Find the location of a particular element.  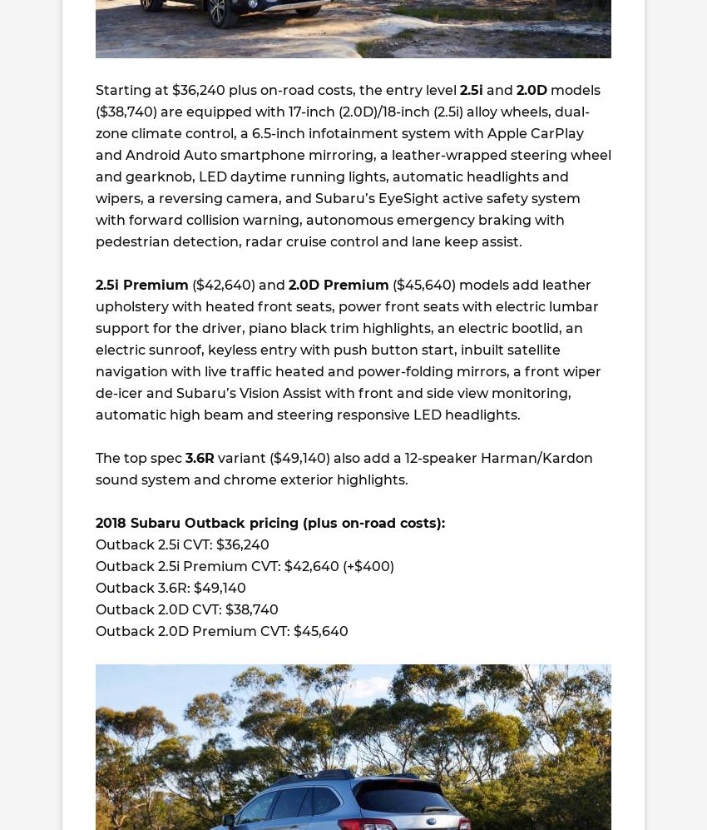

'The top spec' is located at coordinates (140, 458).